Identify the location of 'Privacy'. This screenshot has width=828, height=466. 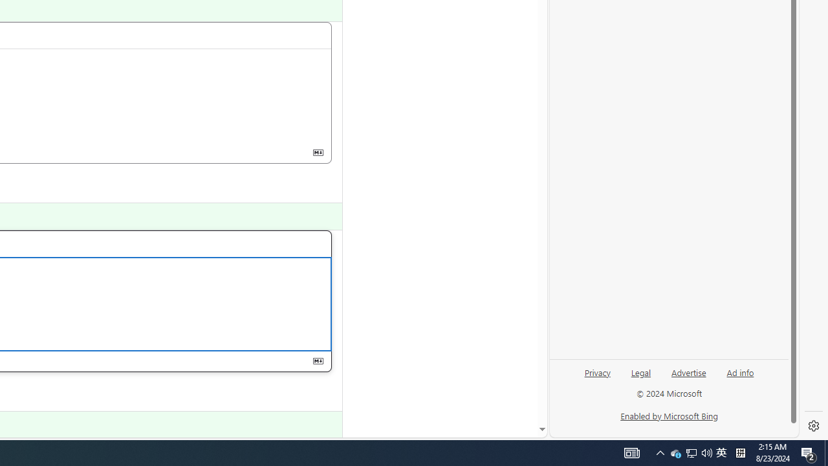
(596, 372).